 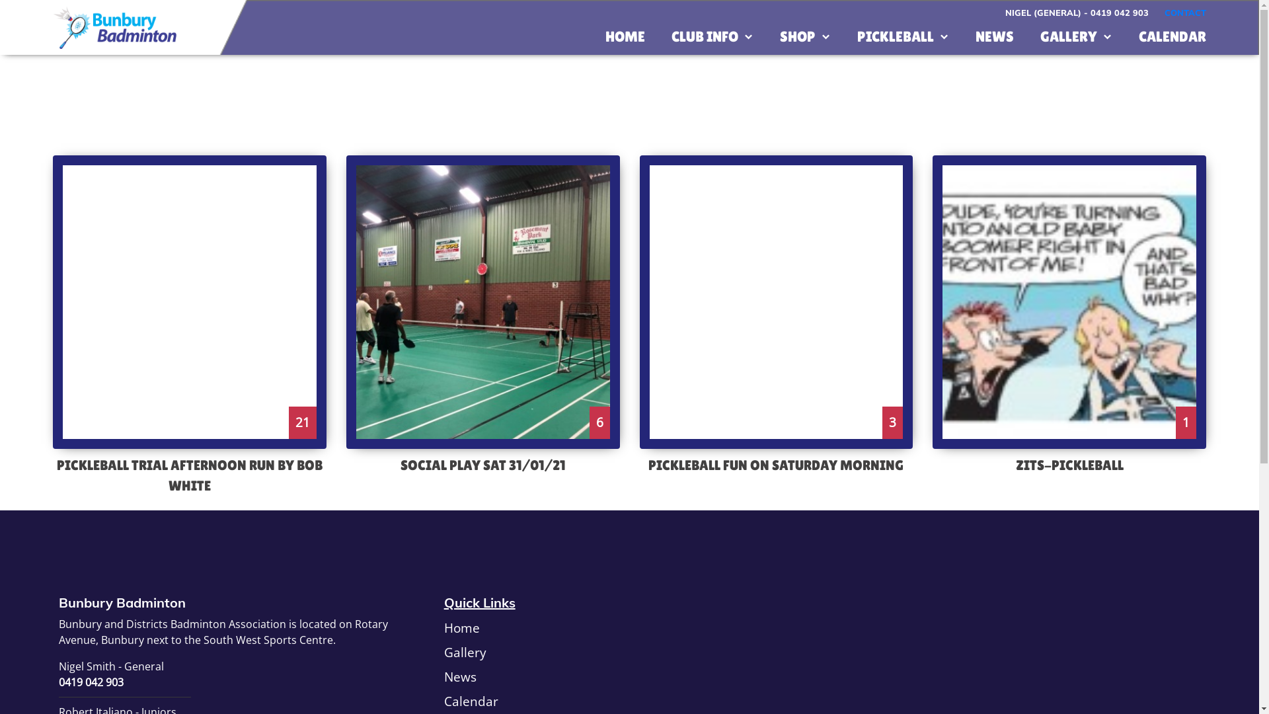 I want to click on 'Calendar', so click(x=471, y=700).